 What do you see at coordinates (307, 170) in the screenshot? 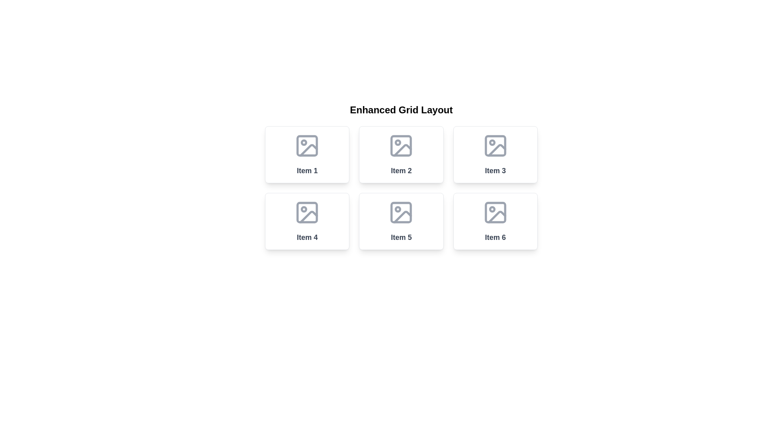
I see `the text label displaying 'Item 1' in bold gray font located at the bottom-center of the first card in the grid layout` at bounding box center [307, 170].